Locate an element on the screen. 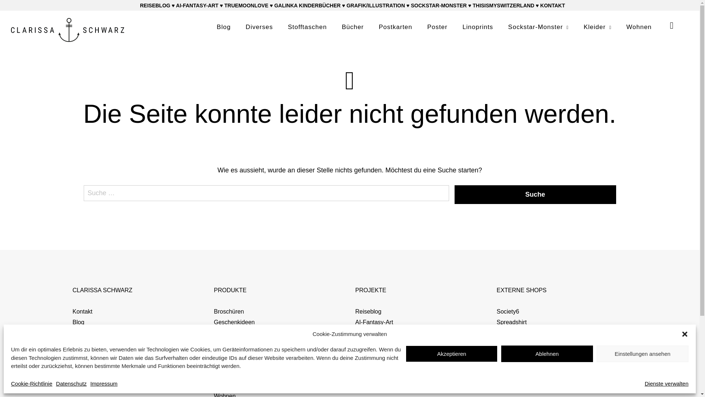 Image resolution: width=705 pixels, height=397 pixels. 'Ablehnen' is located at coordinates (547, 353).